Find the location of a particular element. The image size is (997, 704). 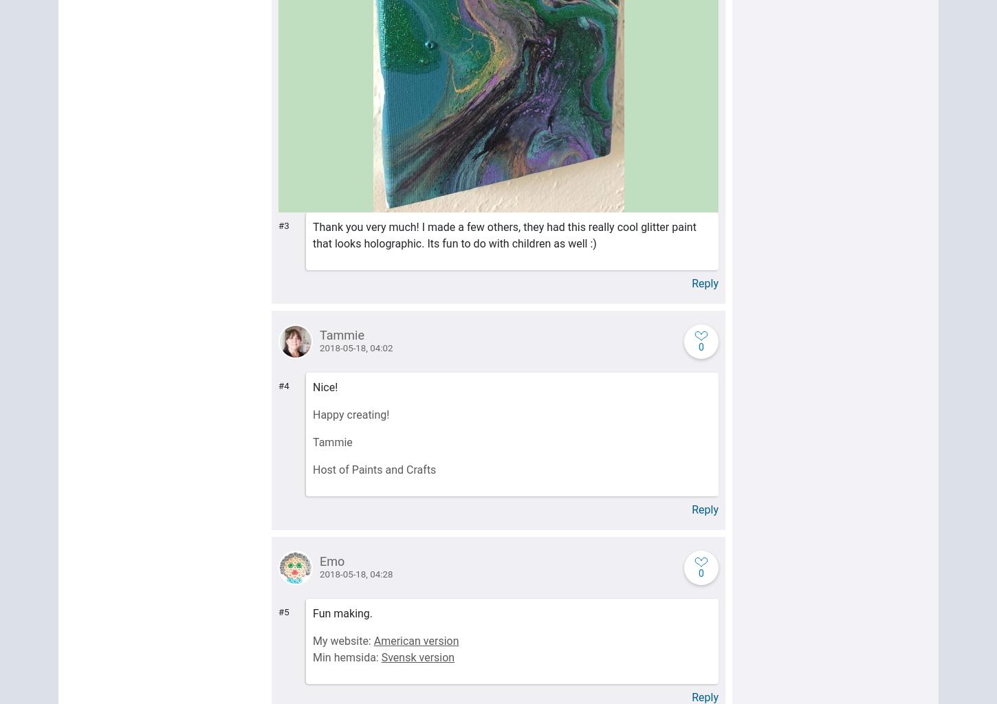

'Nice!' is located at coordinates (312, 386).